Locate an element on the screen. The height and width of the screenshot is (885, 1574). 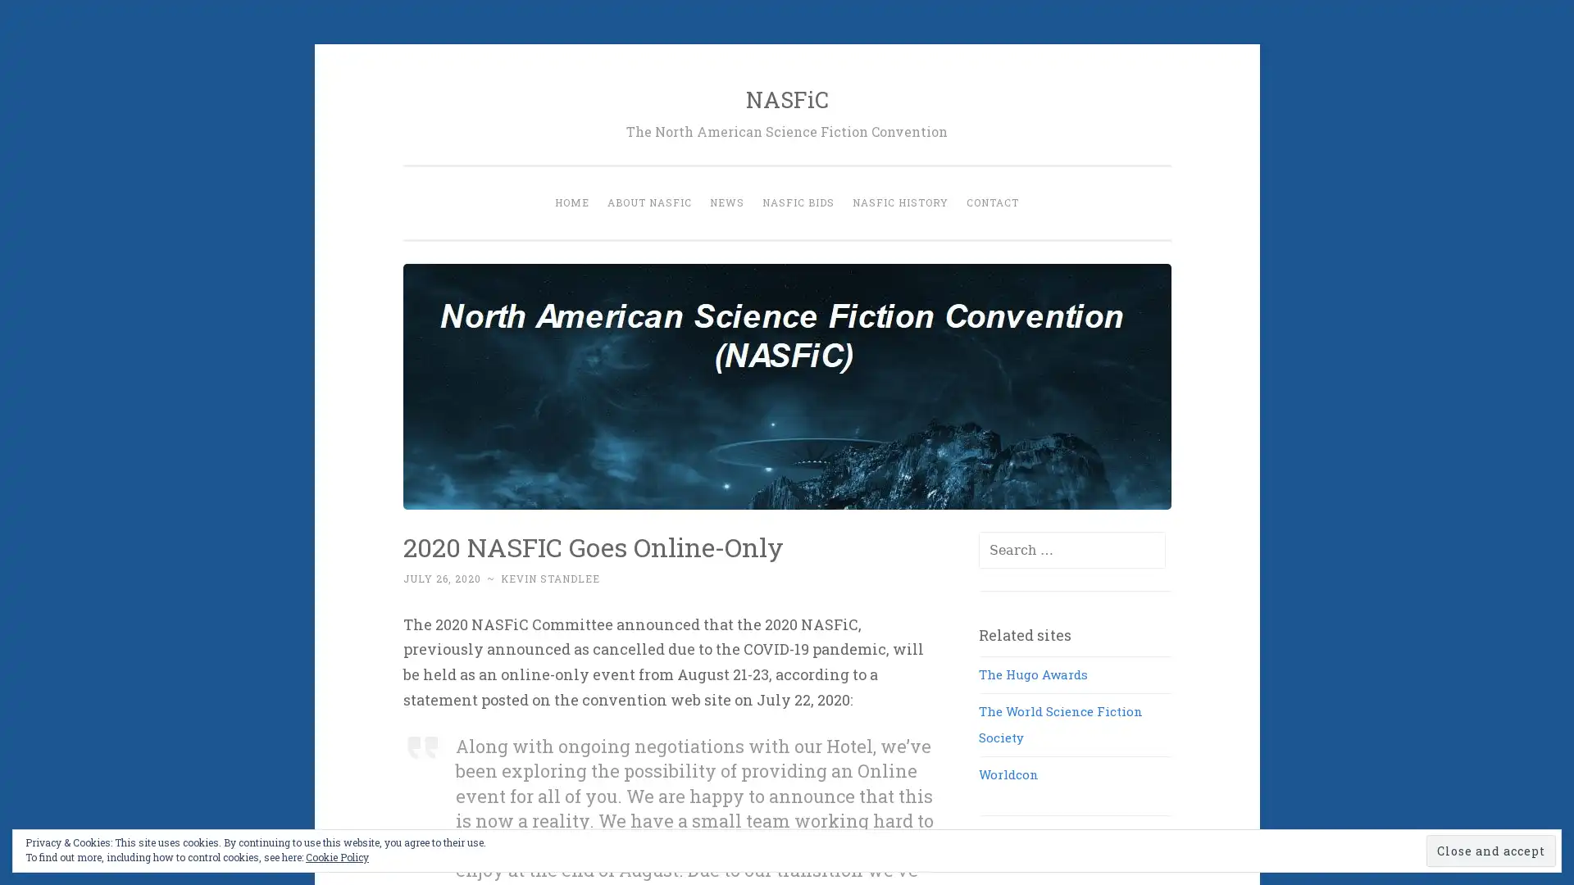
Close and accept is located at coordinates (1491, 850).